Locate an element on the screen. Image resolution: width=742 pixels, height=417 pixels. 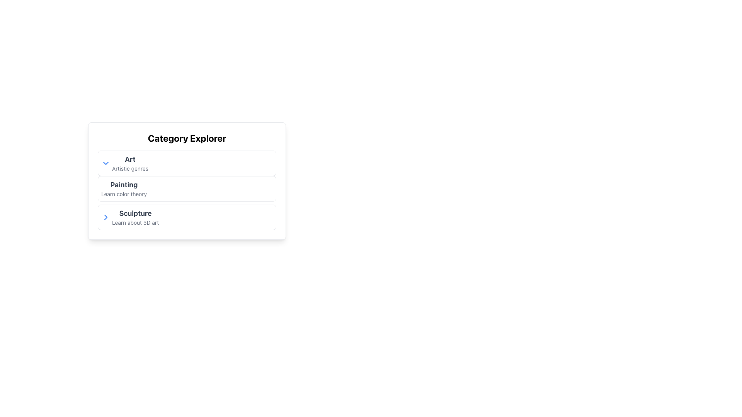
the text label displaying 'Learn about 3D art', which is located beneath the bold 'Sculpture' title in the 'Category Explorer' panel is located at coordinates (135, 223).